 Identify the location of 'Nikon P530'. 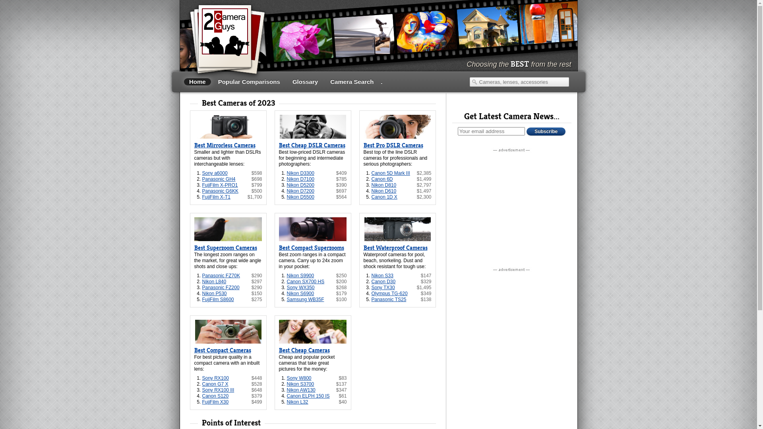
(202, 294).